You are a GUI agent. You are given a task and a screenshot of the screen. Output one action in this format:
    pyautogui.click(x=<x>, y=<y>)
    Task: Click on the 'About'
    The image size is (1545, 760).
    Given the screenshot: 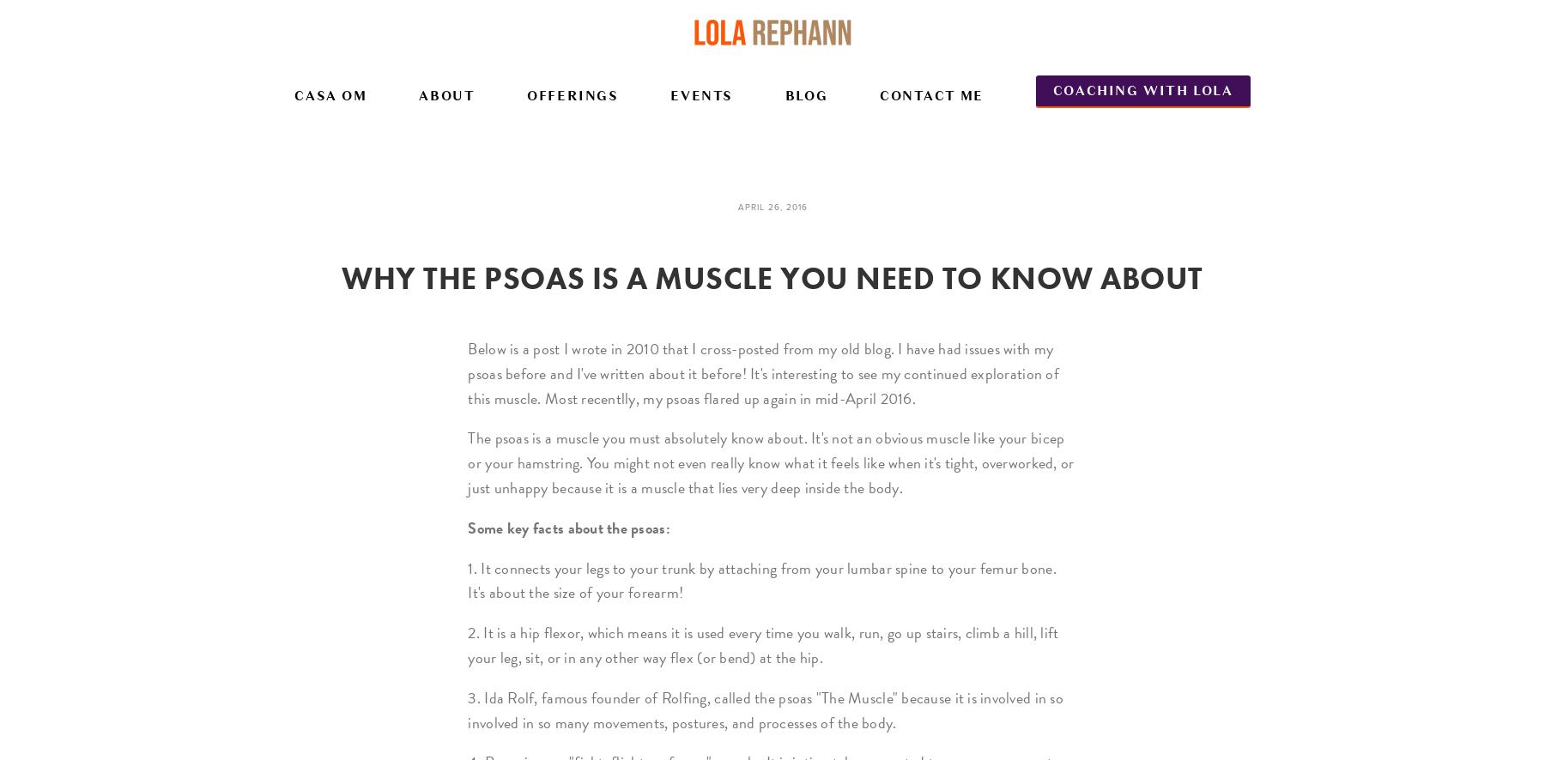 What is the action you would take?
    pyautogui.click(x=445, y=95)
    